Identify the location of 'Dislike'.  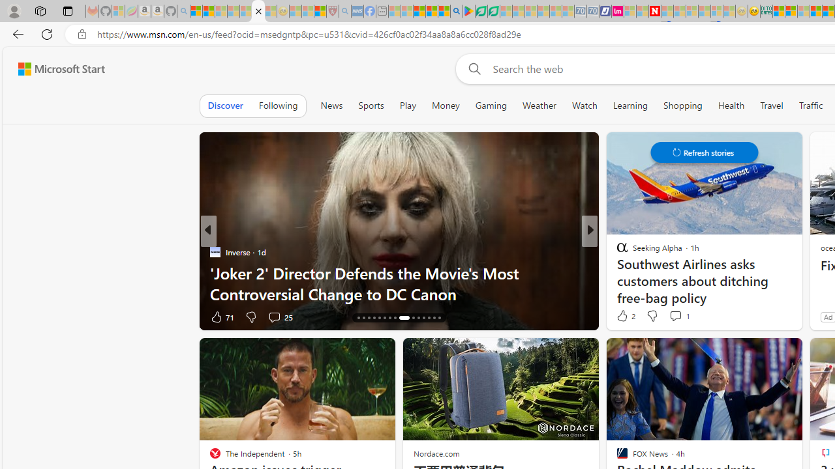
(652, 315).